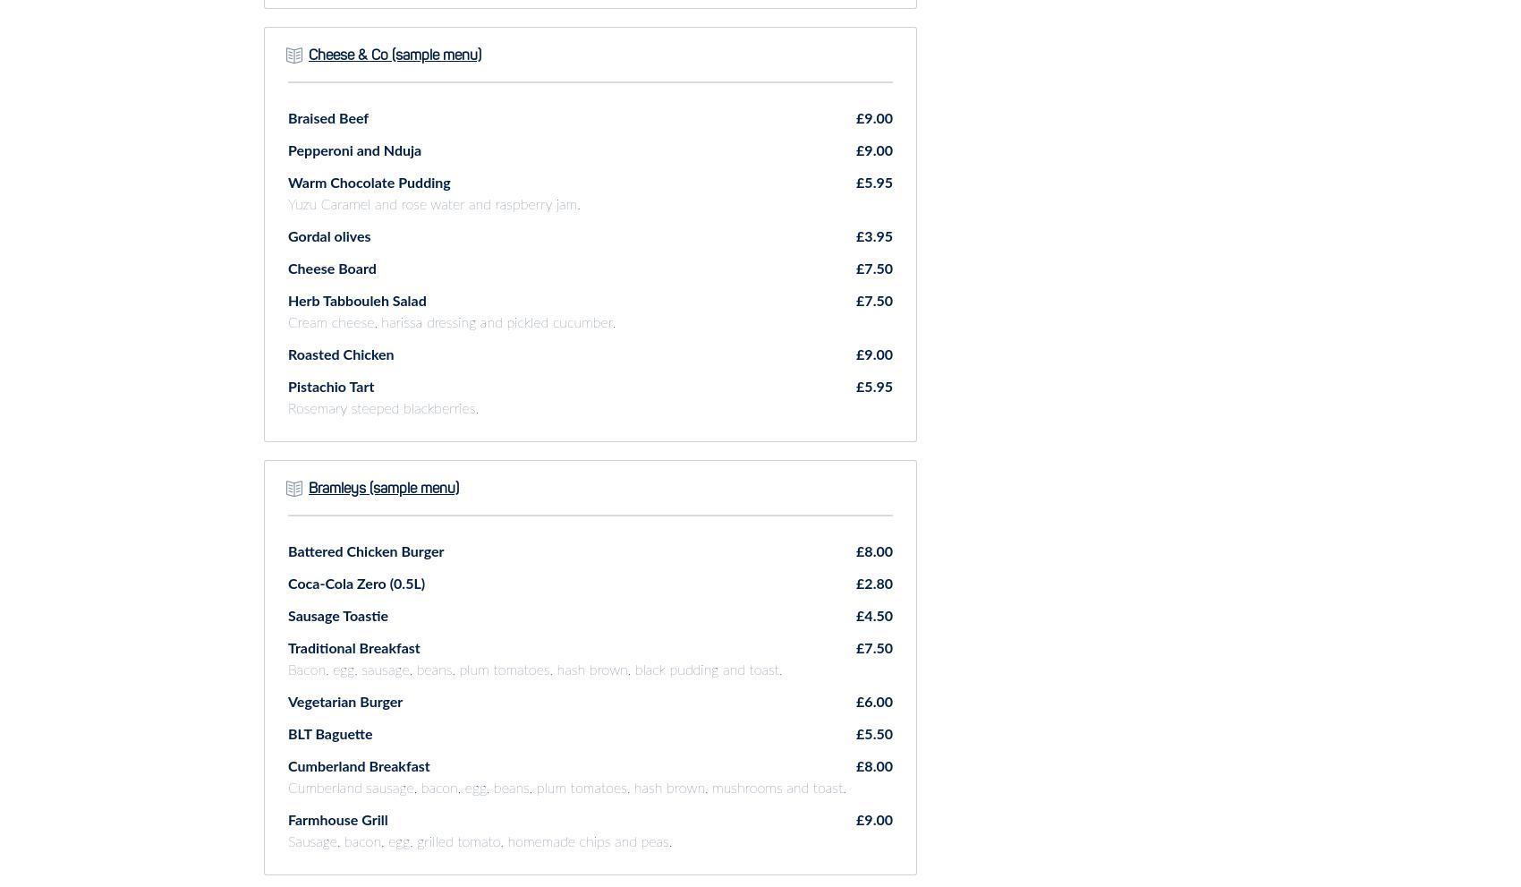 This screenshot has width=1521, height=887. What do you see at coordinates (873, 615) in the screenshot?
I see `'£4.50'` at bounding box center [873, 615].